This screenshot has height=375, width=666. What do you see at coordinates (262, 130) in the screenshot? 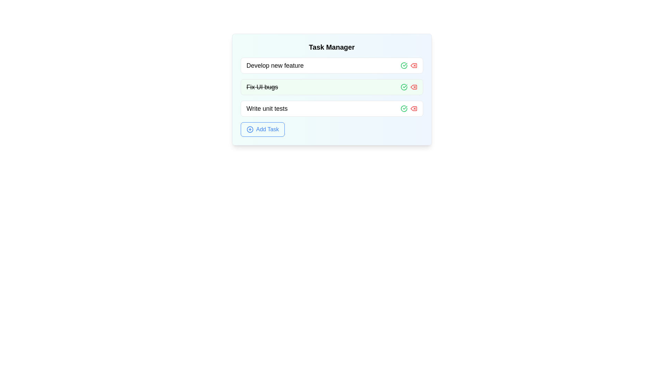
I see `'Add Task' button to initiate adding a new task` at bounding box center [262, 130].